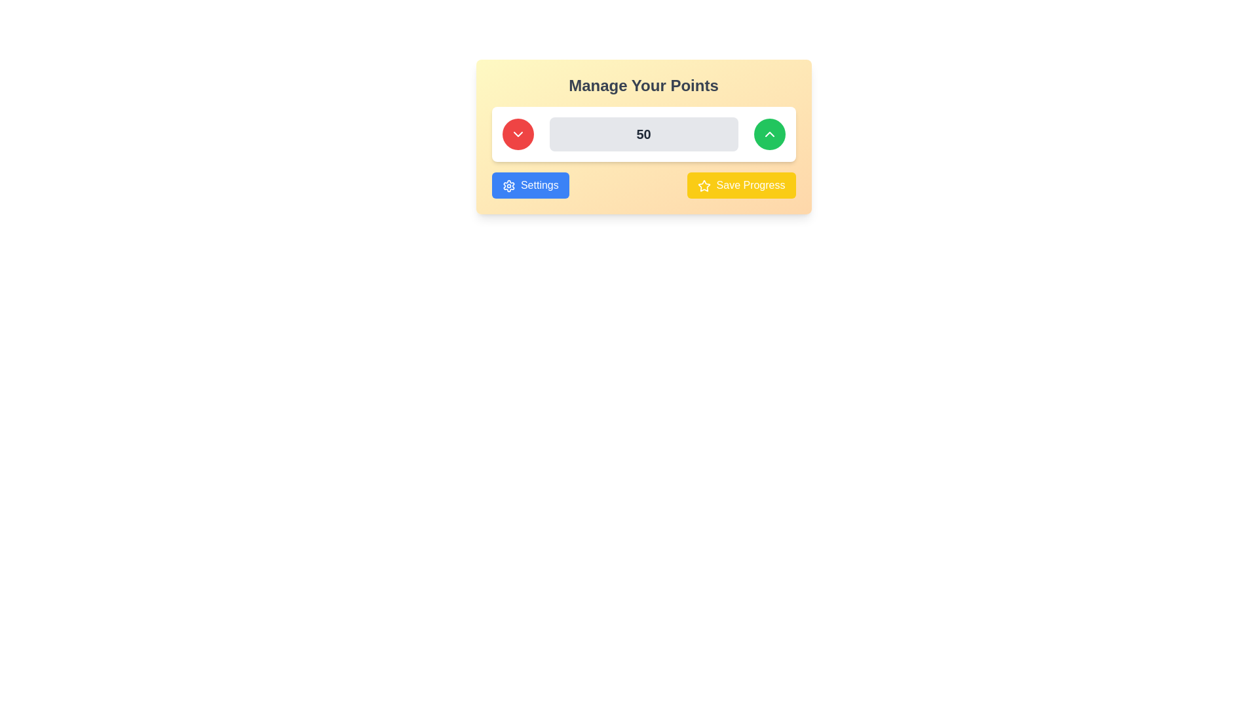 This screenshot has height=708, width=1258. I want to click on the central panel area that allows users to manage their points, located below the header 'Manage Your Points', so click(643, 136).